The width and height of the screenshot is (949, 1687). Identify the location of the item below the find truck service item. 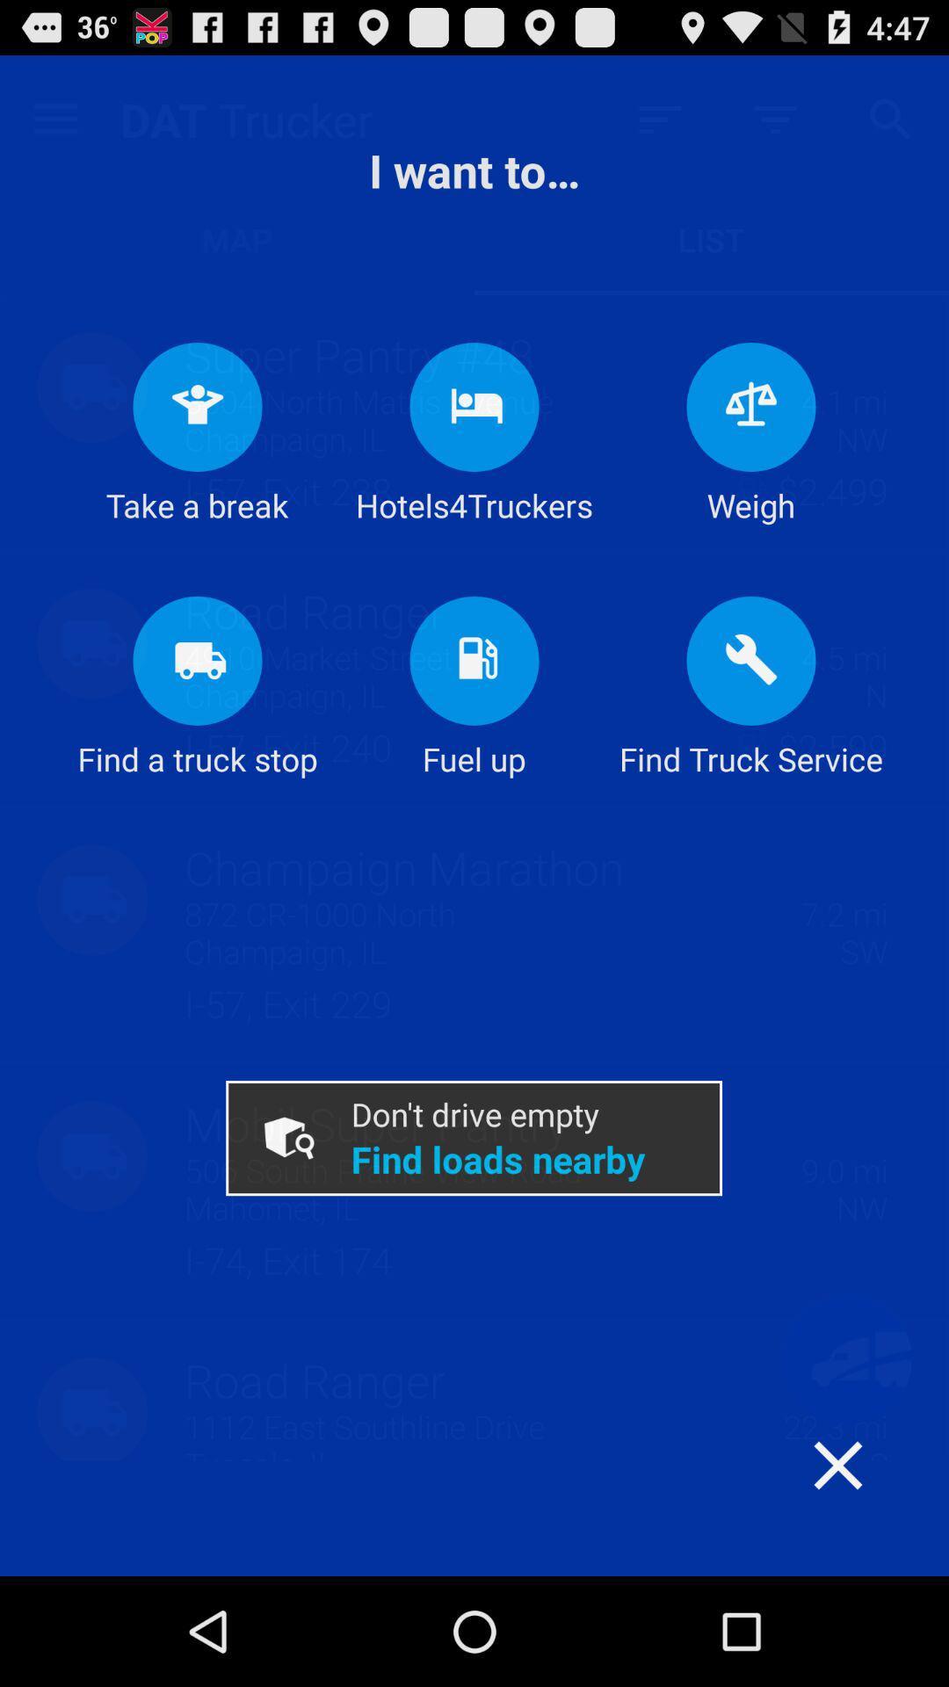
(873, 1499).